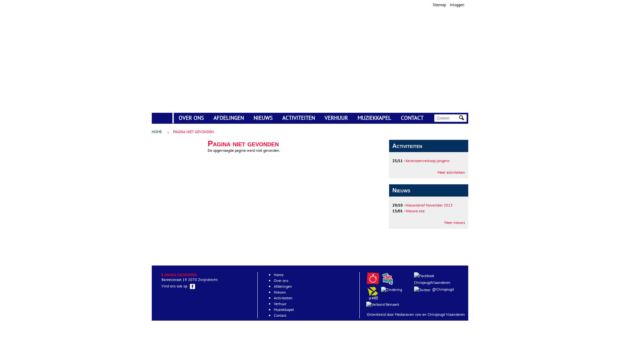  Describe the element at coordinates (388, 283) in the screenshot. I see `'Chirohuizen'` at that location.